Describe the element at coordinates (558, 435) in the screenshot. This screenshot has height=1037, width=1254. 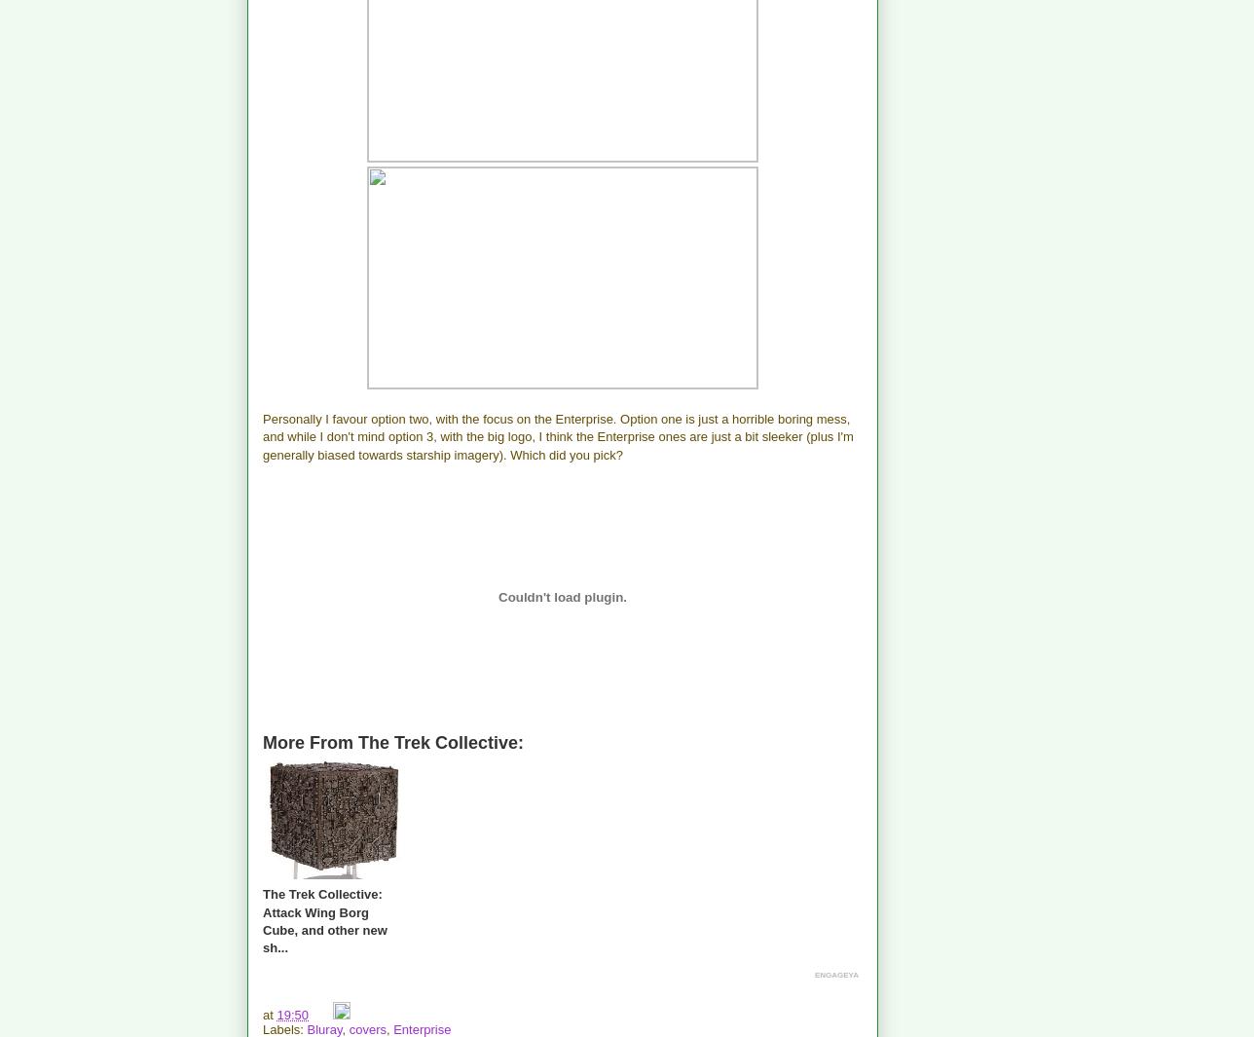
I see `'Personally I favour option two, with the focus on the Enterprise. Option one is just a horrible boring mess, and while I don't mind option 3, with the big logo, I think the Enterprise ones are just a bit sleeker (plus I'm generally biased towards starship imagery). Which did you pick?'` at that location.